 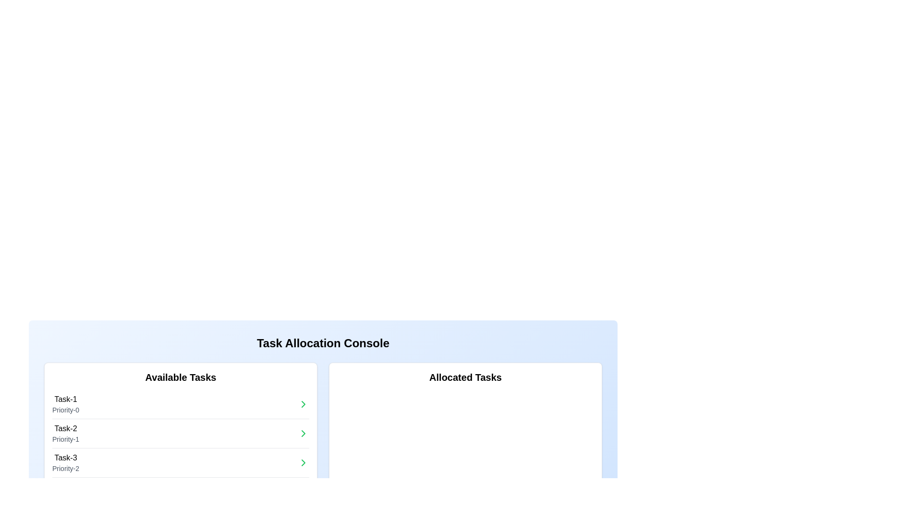 What do you see at coordinates (303, 433) in the screenshot?
I see `the visual indication of the icon located in the 'Available Tasks' section, positioned to the right of 'Task-2 Priority-1'` at bounding box center [303, 433].